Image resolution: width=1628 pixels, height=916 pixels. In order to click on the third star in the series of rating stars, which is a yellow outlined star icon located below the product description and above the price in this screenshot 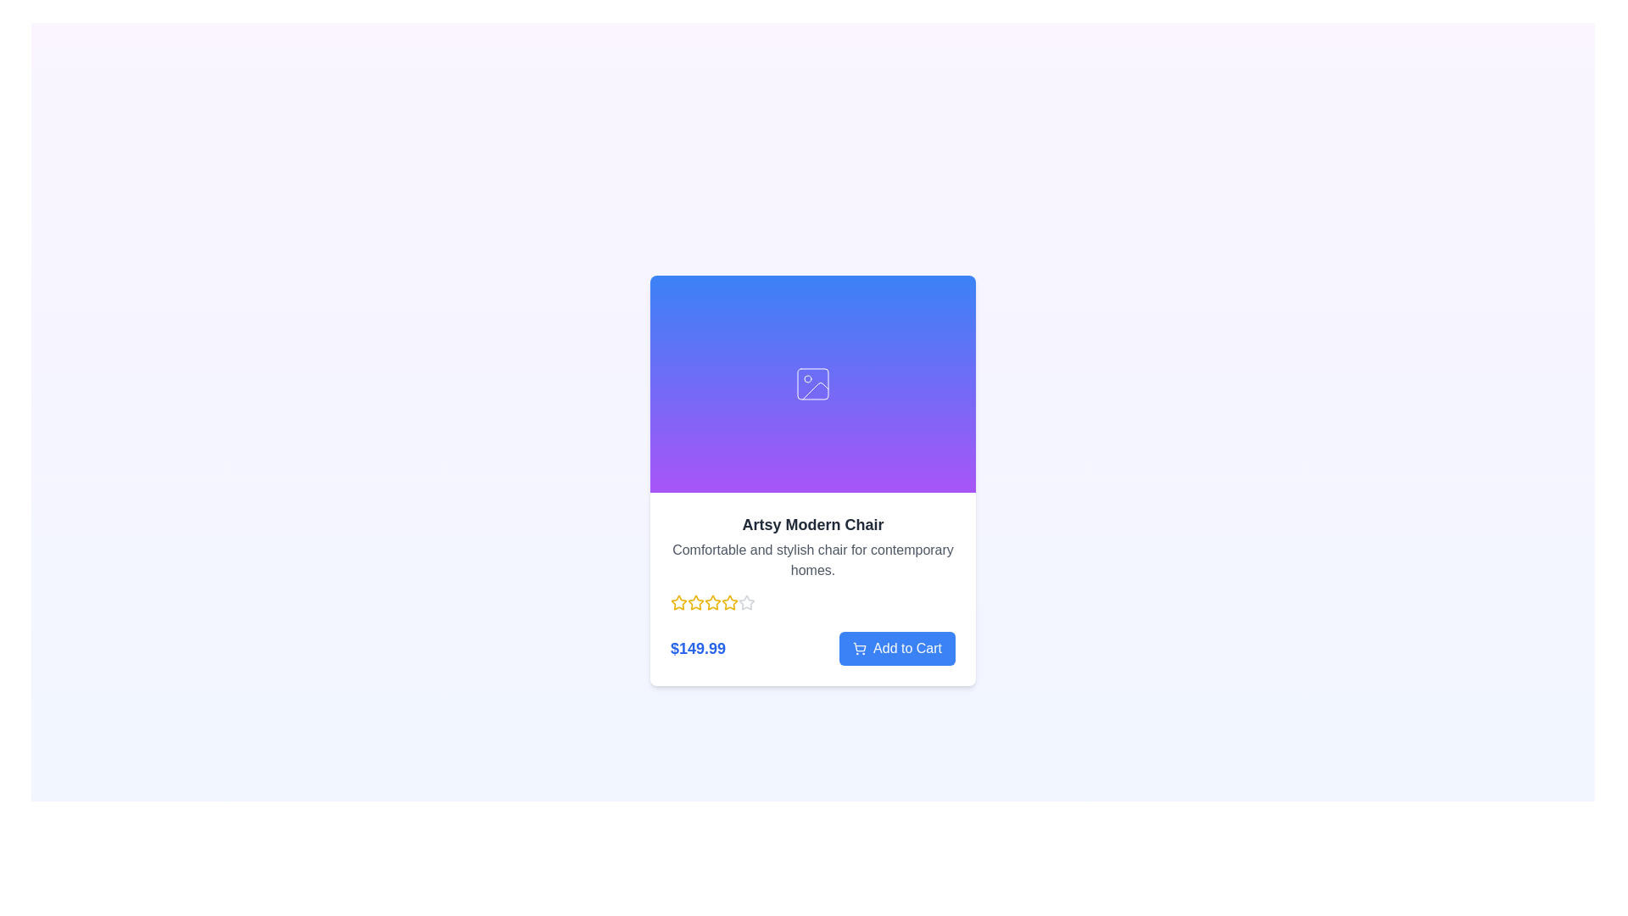, I will do `click(729, 601)`.